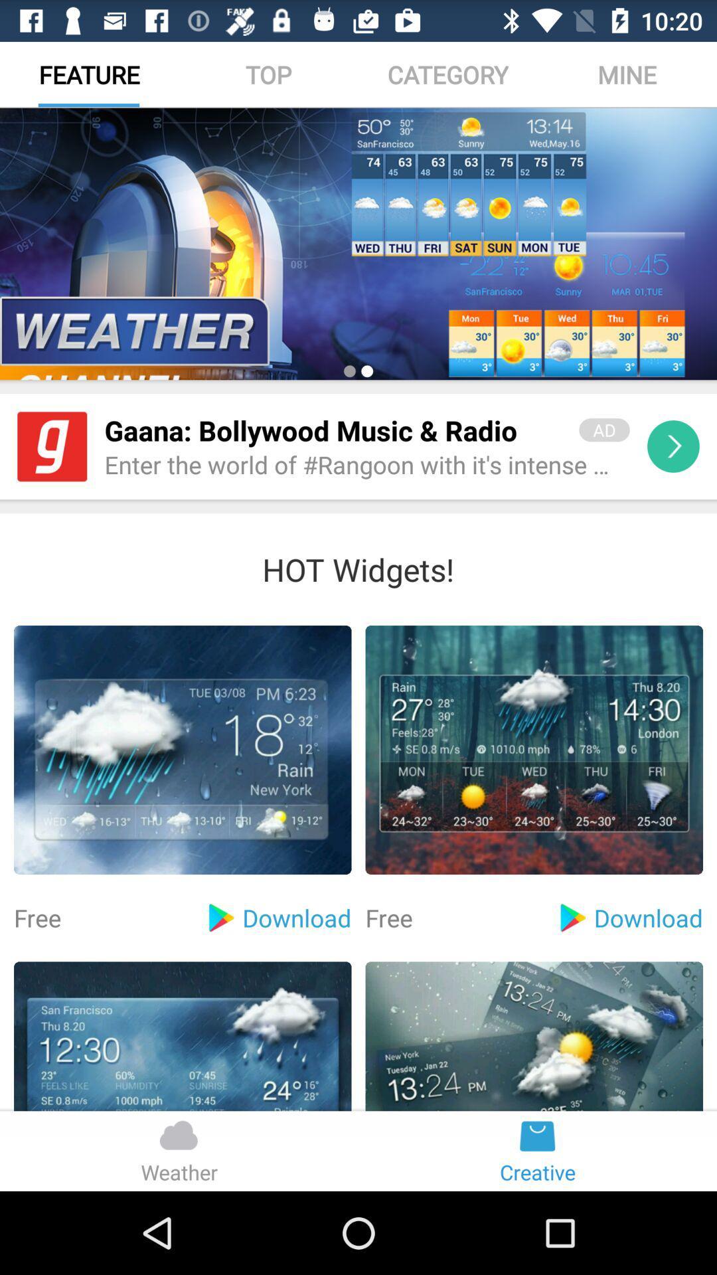 This screenshot has width=717, height=1275. What do you see at coordinates (332, 430) in the screenshot?
I see `the item above enter the world item` at bounding box center [332, 430].